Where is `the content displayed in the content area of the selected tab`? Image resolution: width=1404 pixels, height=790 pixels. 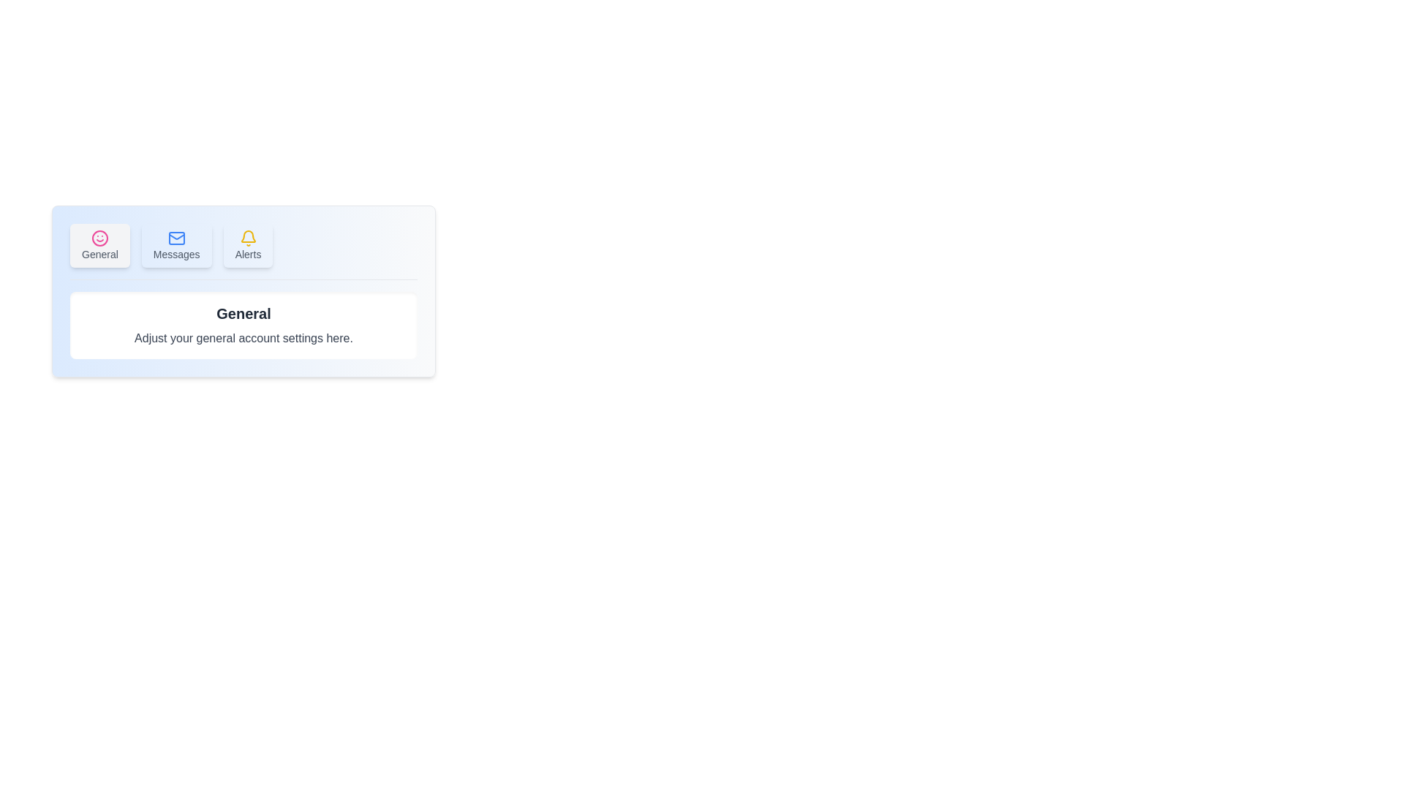
the content displayed in the content area of the selected tab is located at coordinates (244, 324).